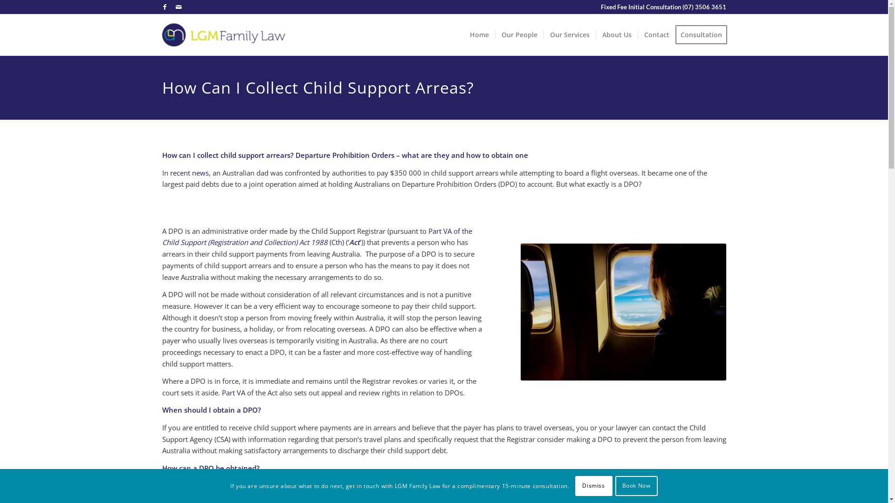 This screenshot has width=895, height=503. I want to click on '(07) 3506 3651', so click(682, 7).